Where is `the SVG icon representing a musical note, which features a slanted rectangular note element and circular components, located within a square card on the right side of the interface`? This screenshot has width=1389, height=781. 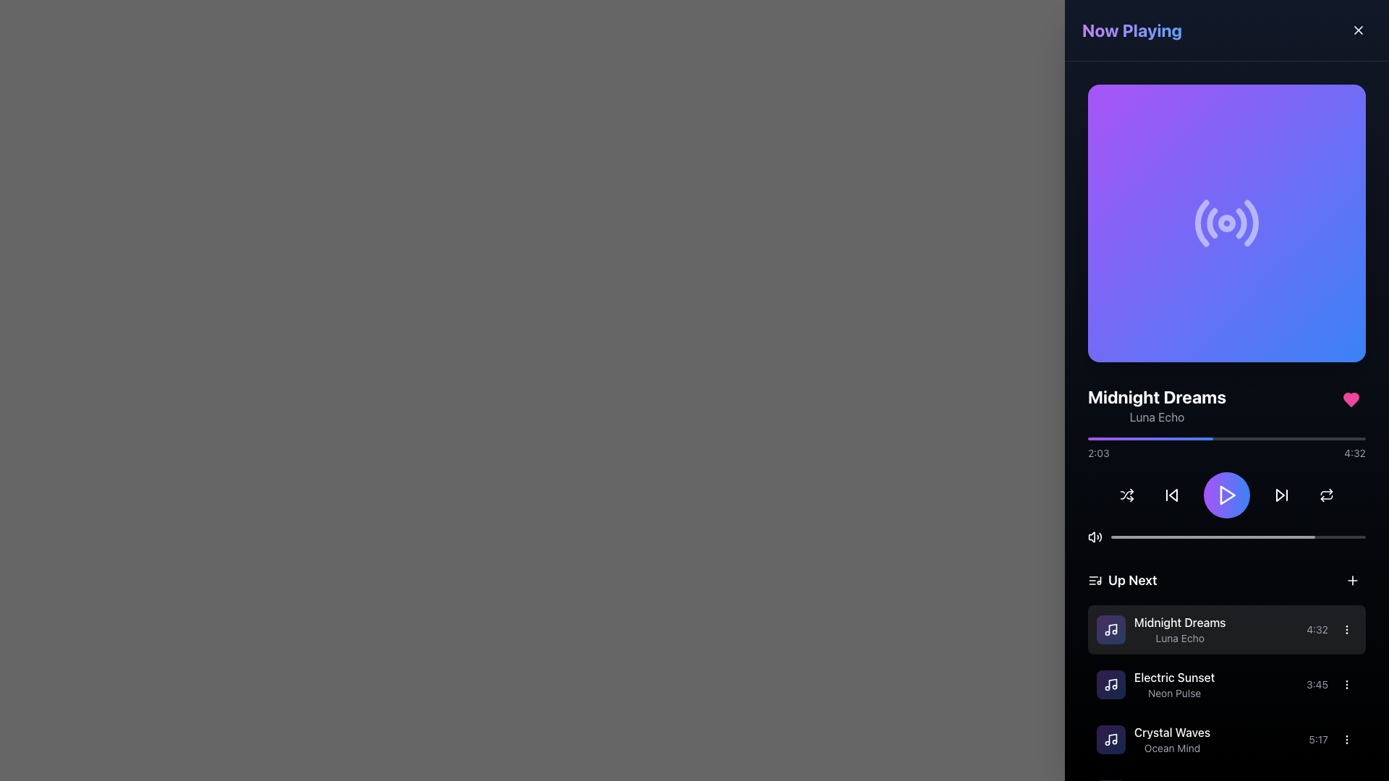 the SVG icon representing a musical note, which features a slanted rectangular note element and circular components, located within a square card on the right side of the interface is located at coordinates (1110, 629).